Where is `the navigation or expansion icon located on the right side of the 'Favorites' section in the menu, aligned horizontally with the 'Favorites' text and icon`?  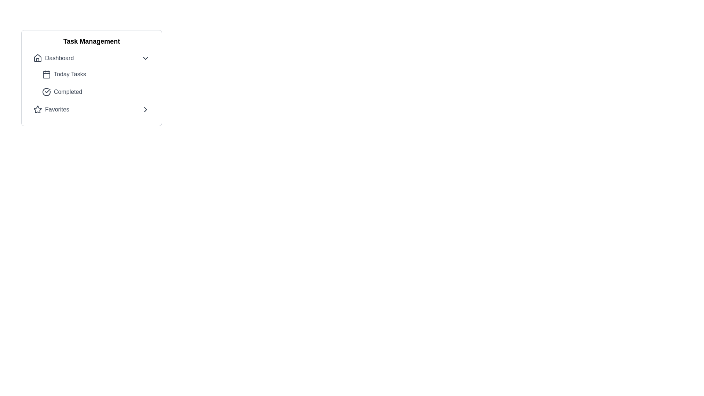 the navigation or expansion icon located on the right side of the 'Favorites' section in the menu, aligned horizontally with the 'Favorites' text and icon is located at coordinates (146, 110).